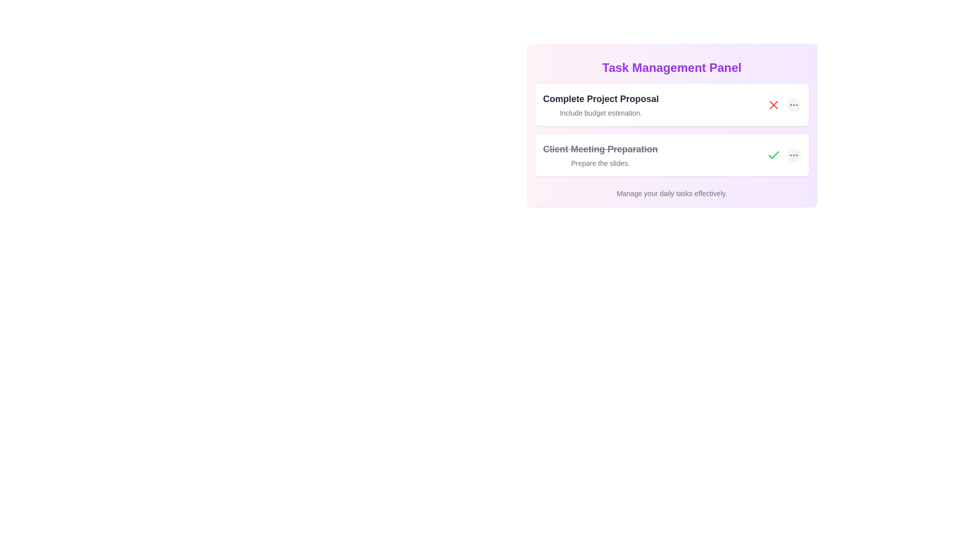 The height and width of the screenshot is (543, 966). Describe the element at coordinates (782, 105) in the screenshot. I see `the ellipsis on the control set for the 'Complete Project Proposal' task` at that location.